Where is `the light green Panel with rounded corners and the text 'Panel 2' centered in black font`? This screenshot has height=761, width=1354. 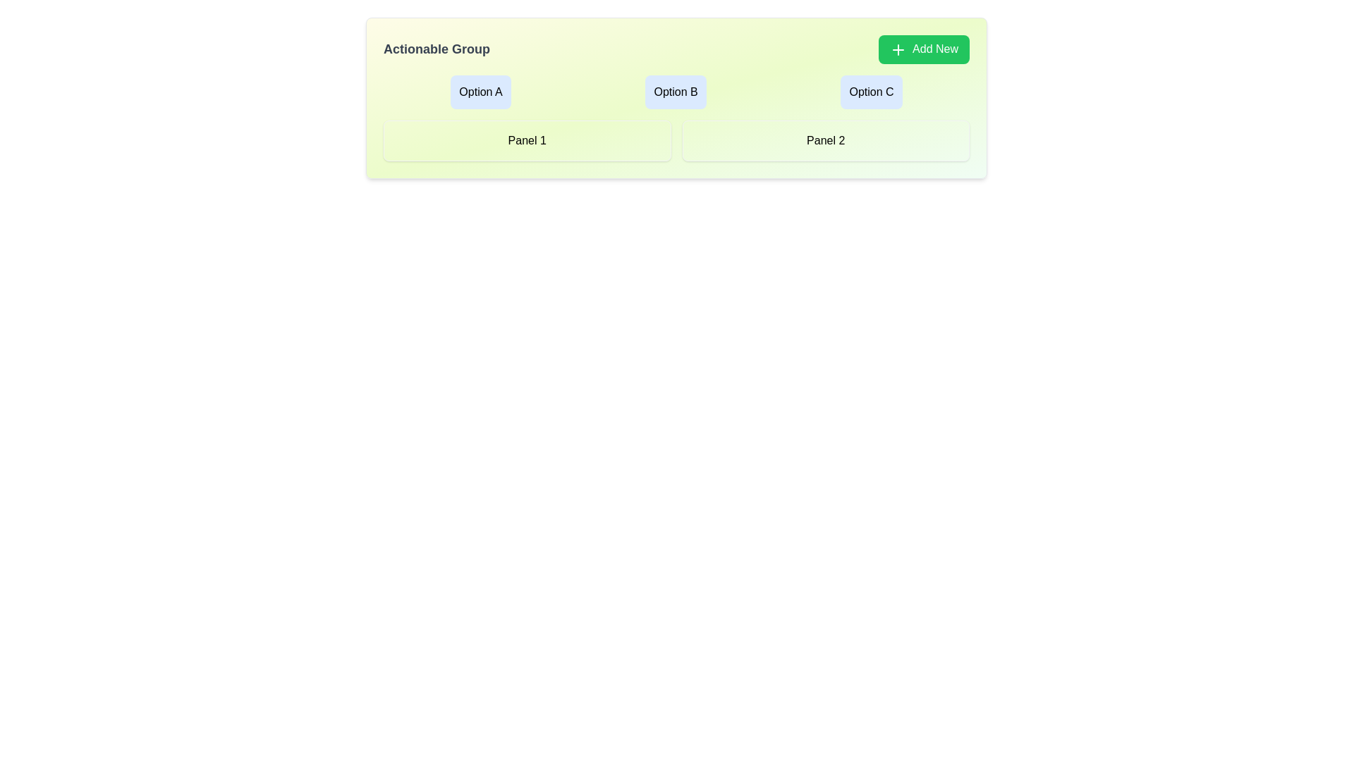
the light green Panel with rounded corners and the text 'Panel 2' centered in black font is located at coordinates (826, 140).